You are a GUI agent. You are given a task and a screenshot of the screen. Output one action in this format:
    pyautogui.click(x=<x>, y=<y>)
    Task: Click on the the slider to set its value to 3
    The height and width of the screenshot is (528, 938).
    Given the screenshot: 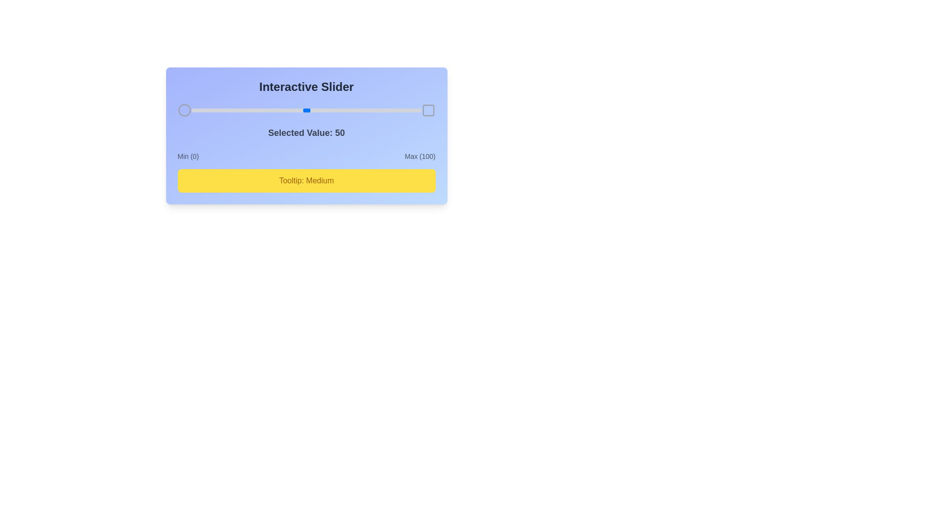 What is the action you would take?
    pyautogui.click(x=198, y=110)
    